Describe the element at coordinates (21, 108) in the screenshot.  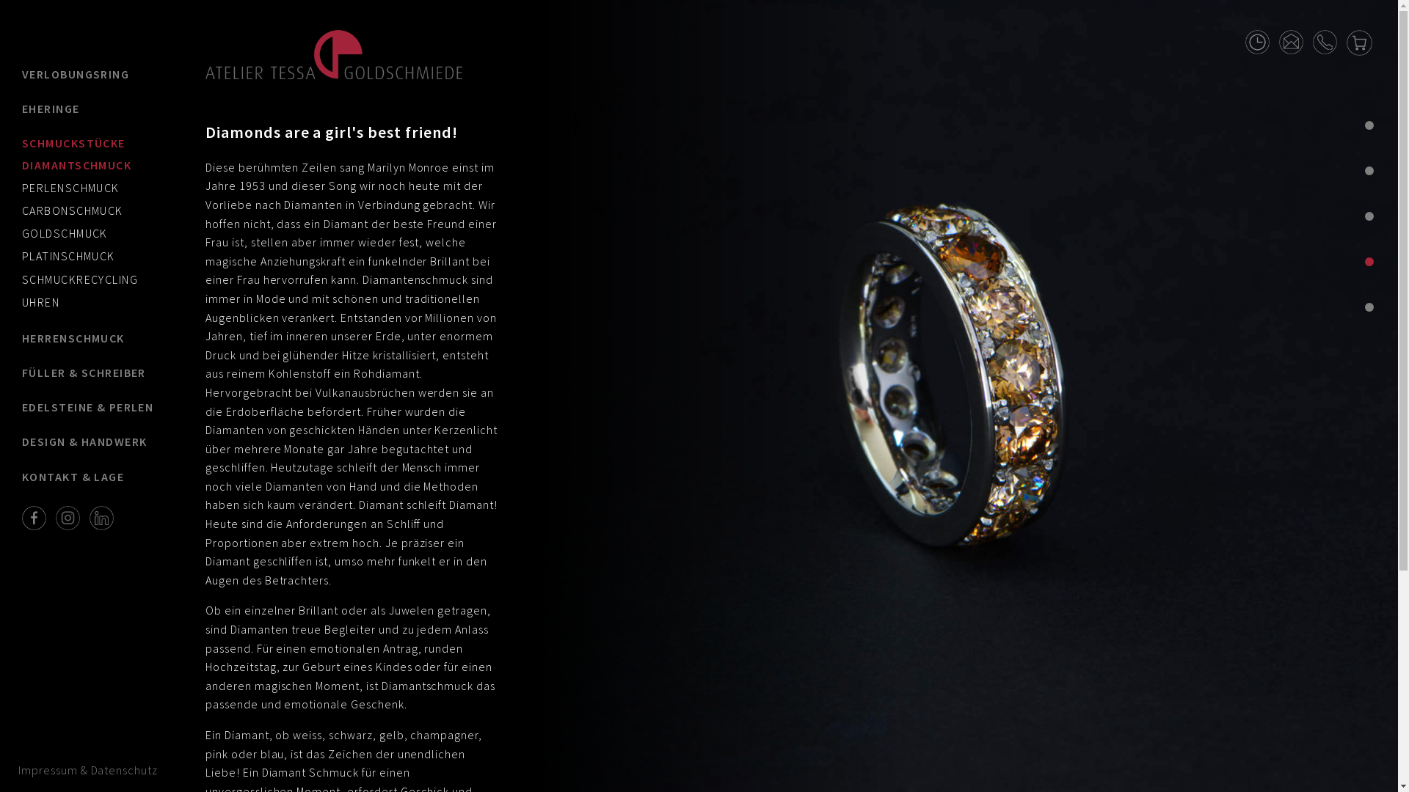
I see `'EHERINGE'` at that location.